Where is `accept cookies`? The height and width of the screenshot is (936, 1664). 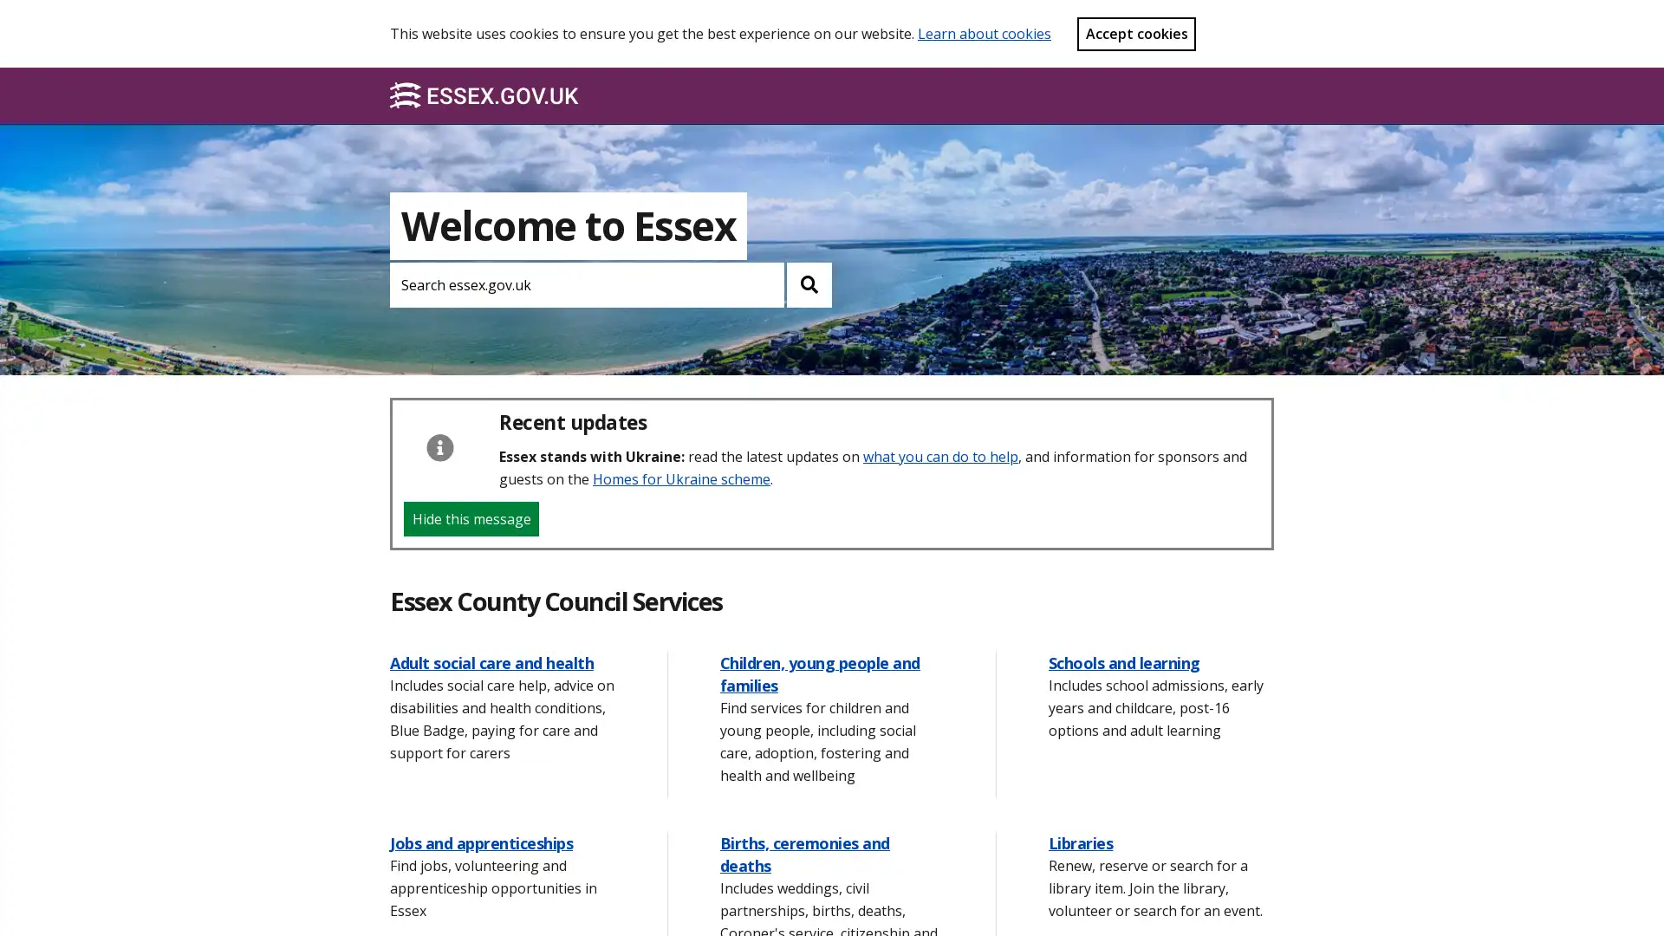 accept cookies is located at coordinates (1136, 33).